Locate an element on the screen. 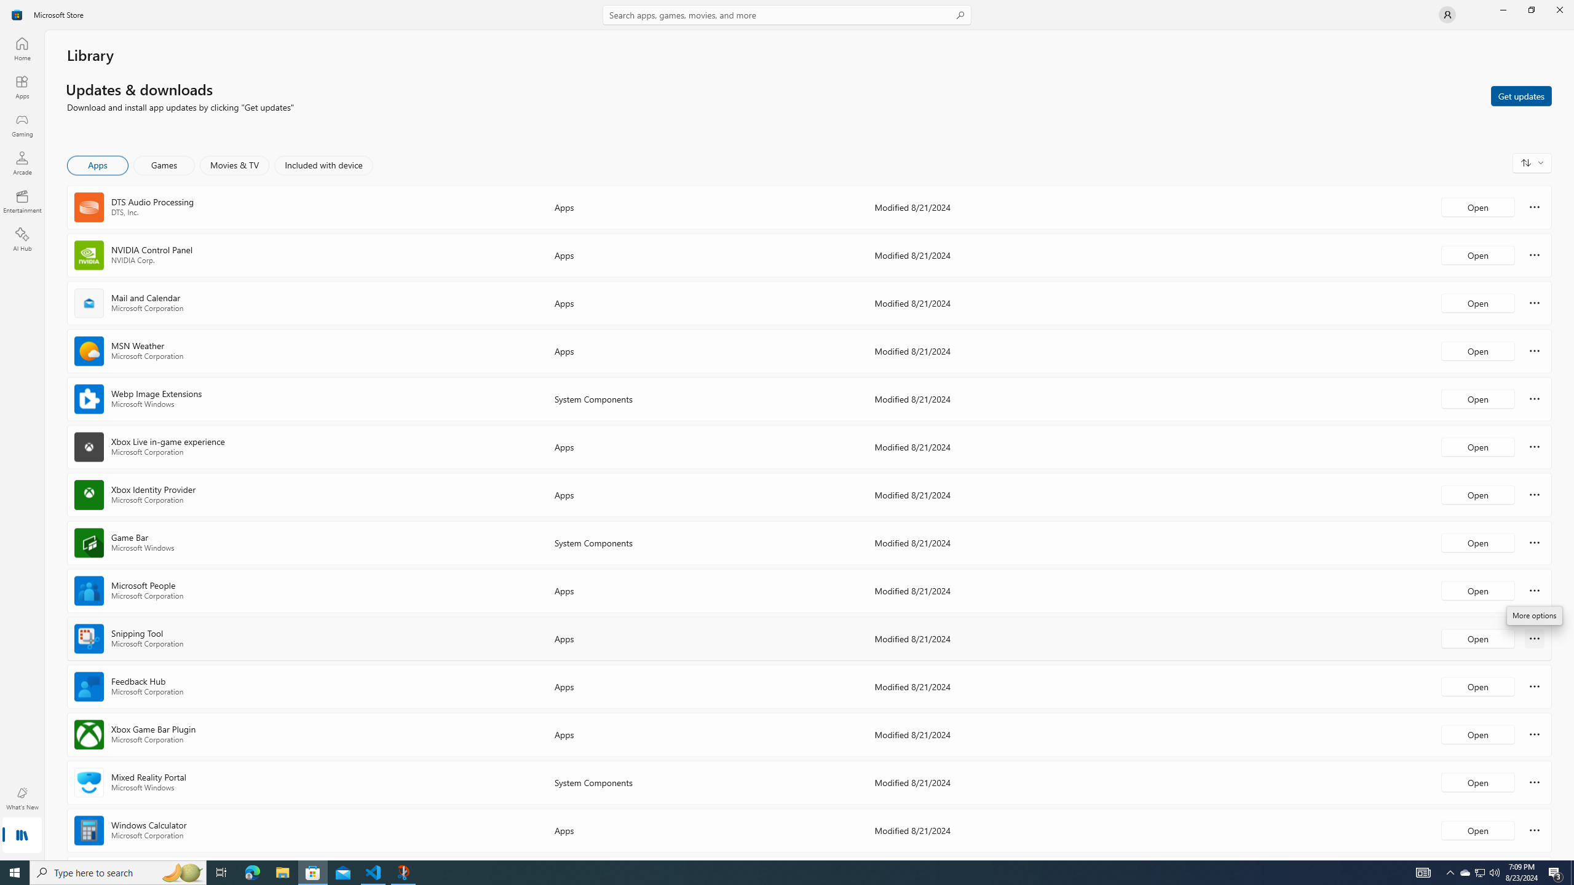  'Restore Microsoft Store' is located at coordinates (1531, 9).